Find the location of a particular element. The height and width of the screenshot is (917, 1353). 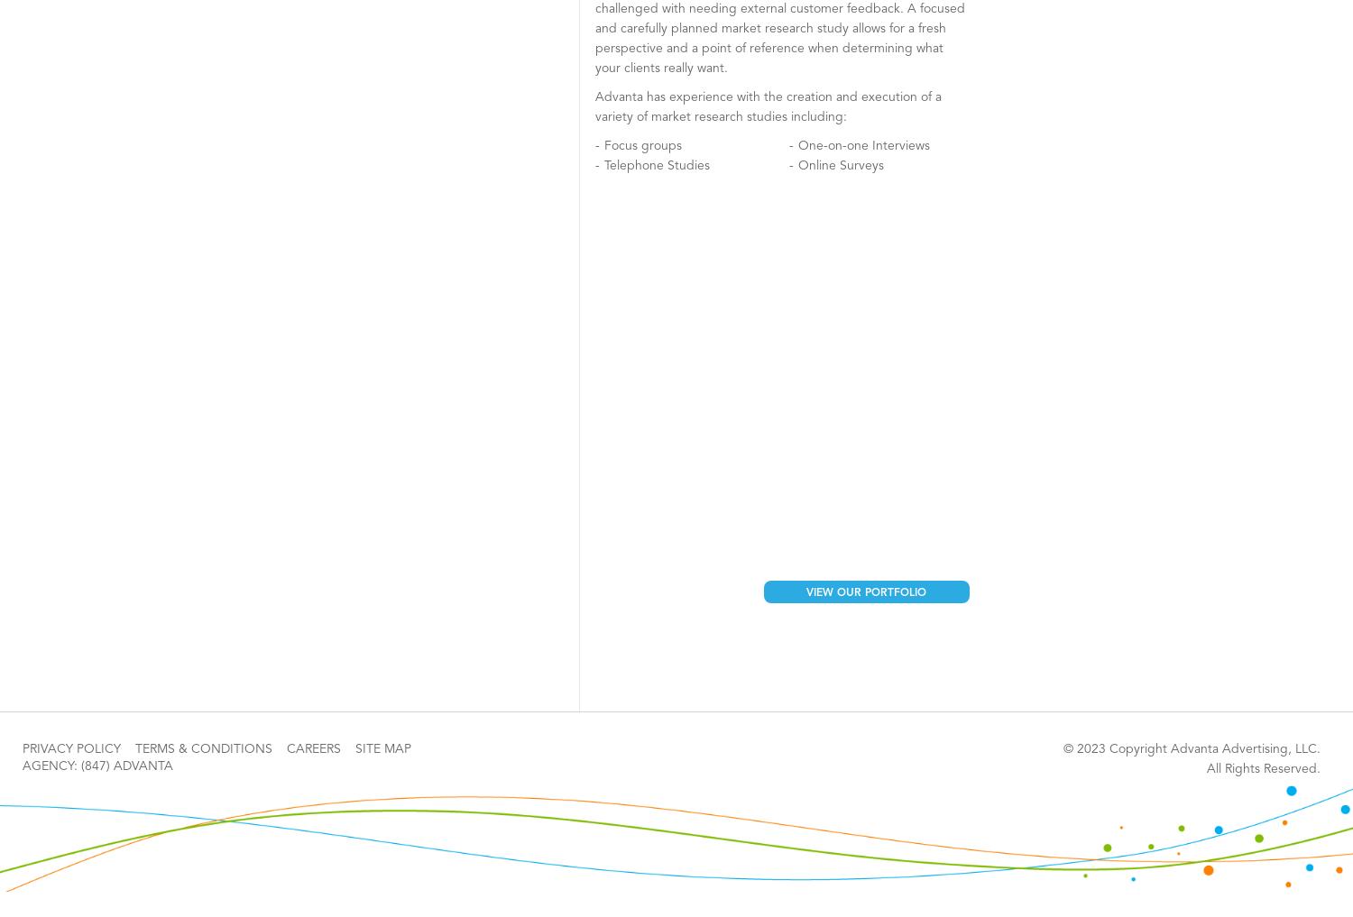

'Focus groups' is located at coordinates (641, 145).